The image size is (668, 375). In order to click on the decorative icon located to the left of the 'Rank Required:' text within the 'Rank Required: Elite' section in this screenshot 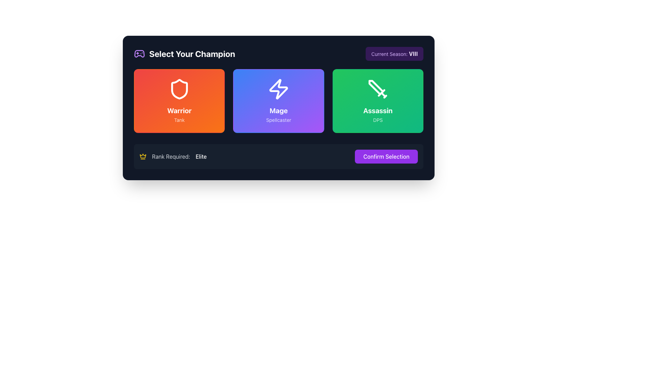, I will do `click(143, 157)`.